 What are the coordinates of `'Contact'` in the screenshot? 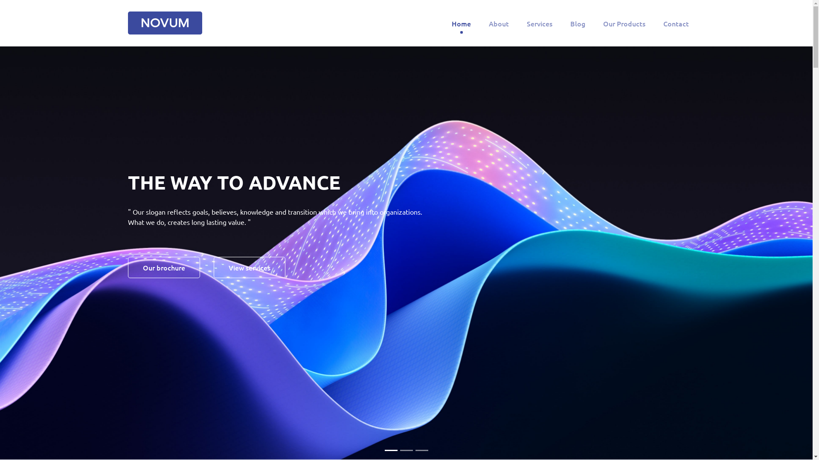 It's located at (675, 23).